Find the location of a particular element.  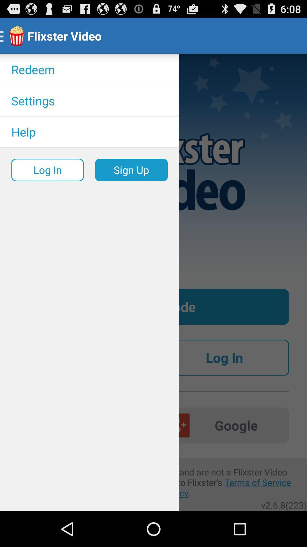

the log in button is located at coordinates (224, 358).